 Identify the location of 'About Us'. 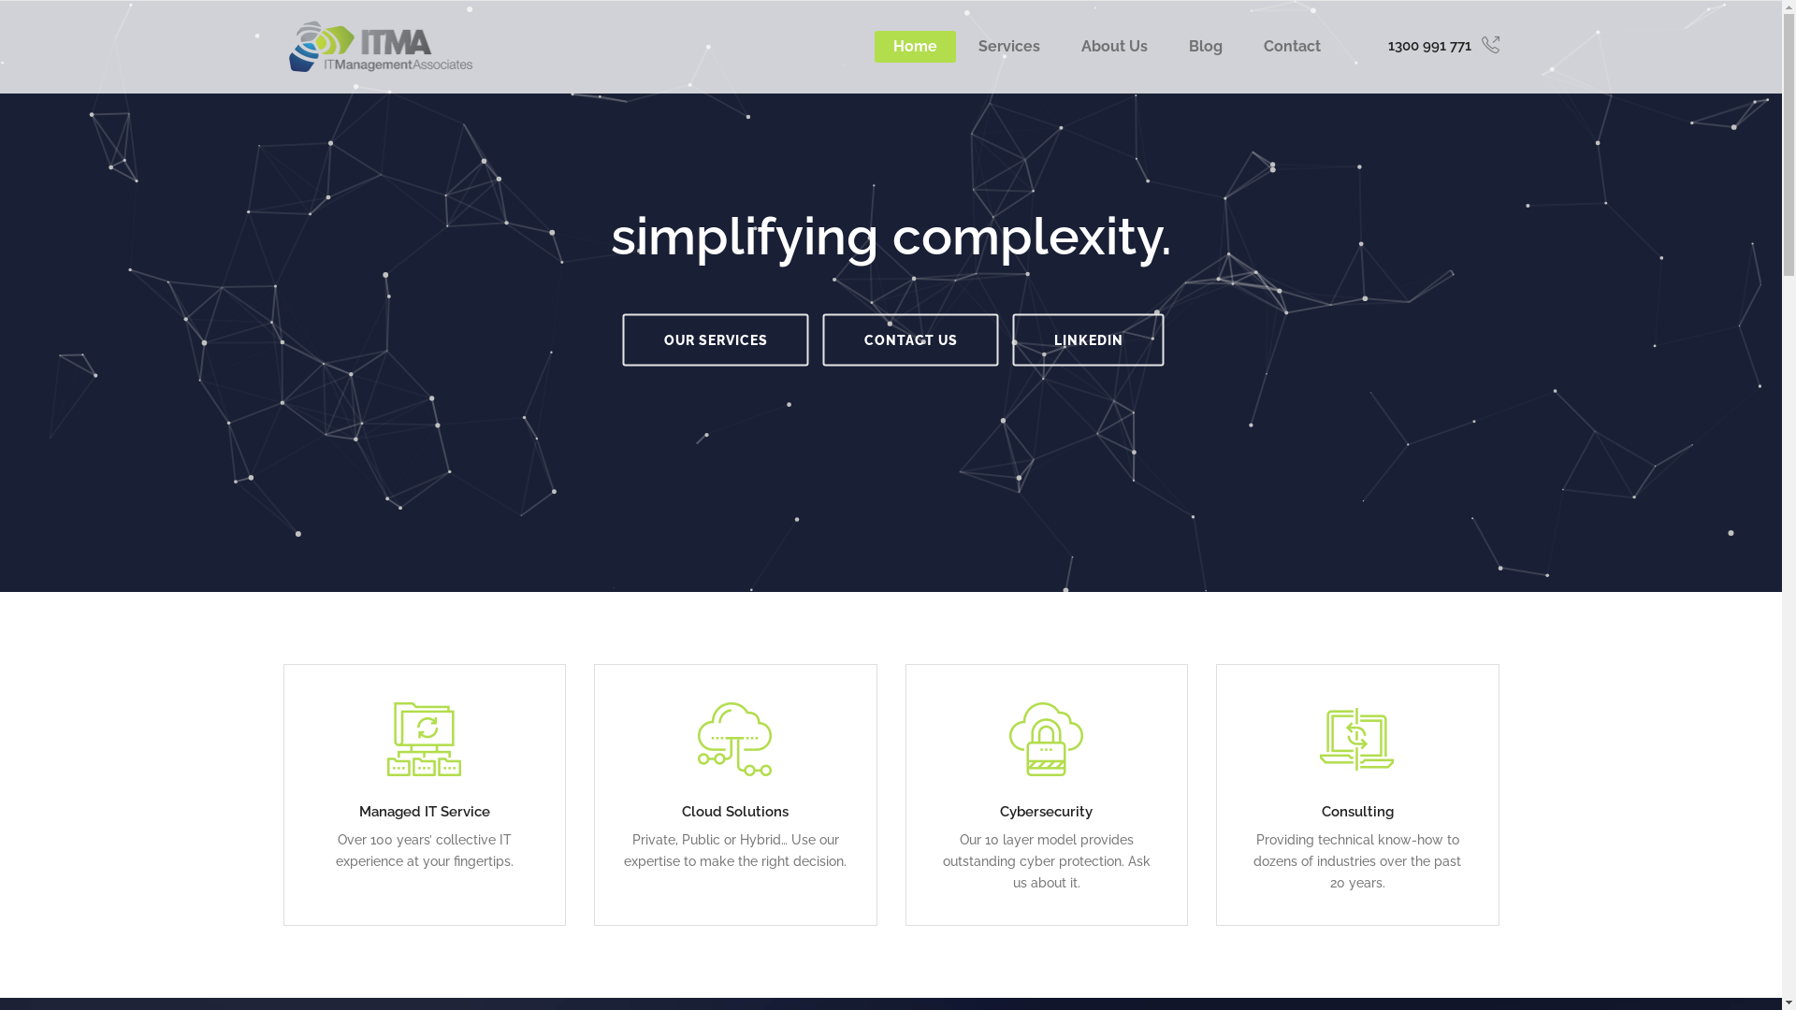
(1114, 46).